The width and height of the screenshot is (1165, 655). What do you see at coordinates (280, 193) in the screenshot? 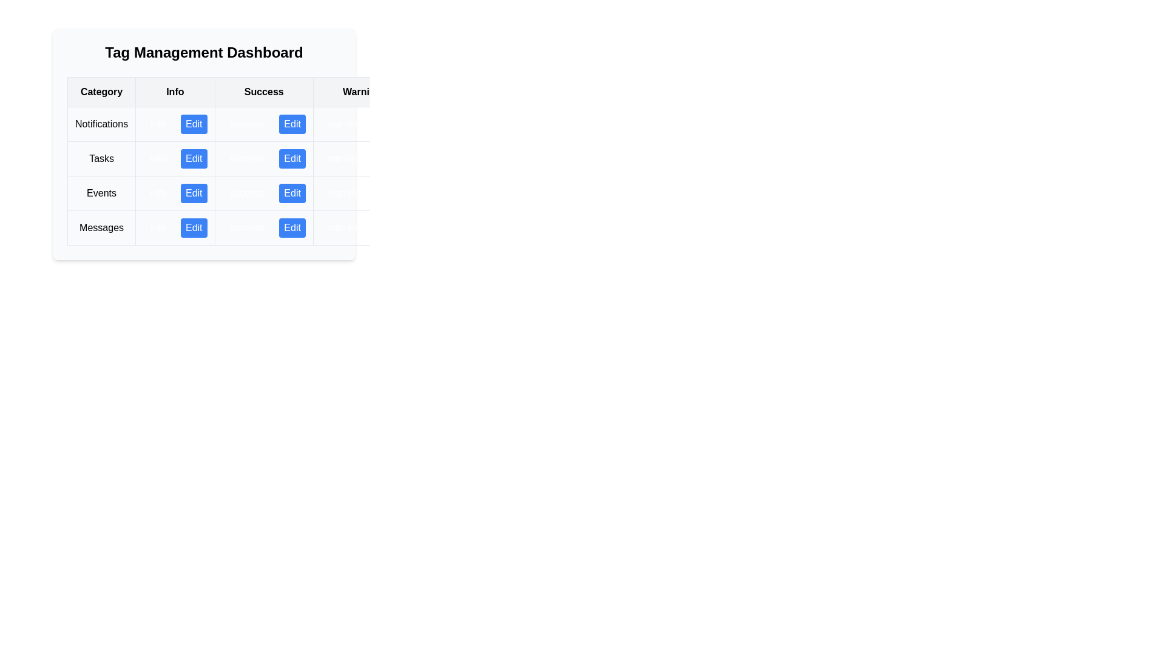
I see `the 'Edit' button with a blue background and white text in the 'Events' row of the 'Tag Management Dashboard'` at bounding box center [280, 193].